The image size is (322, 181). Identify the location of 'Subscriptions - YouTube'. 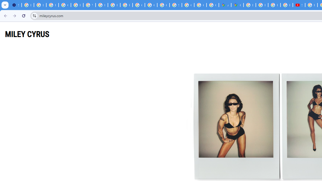
(299, 5).